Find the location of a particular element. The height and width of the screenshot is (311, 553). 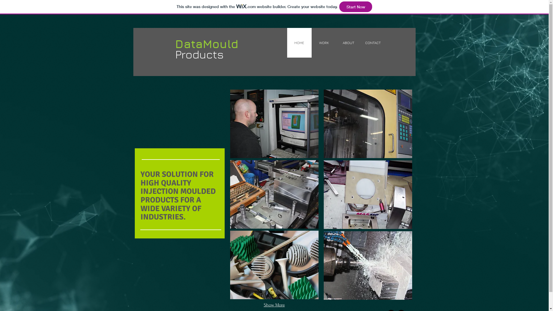

'ABOUT' is located at coordinates (348, 42).